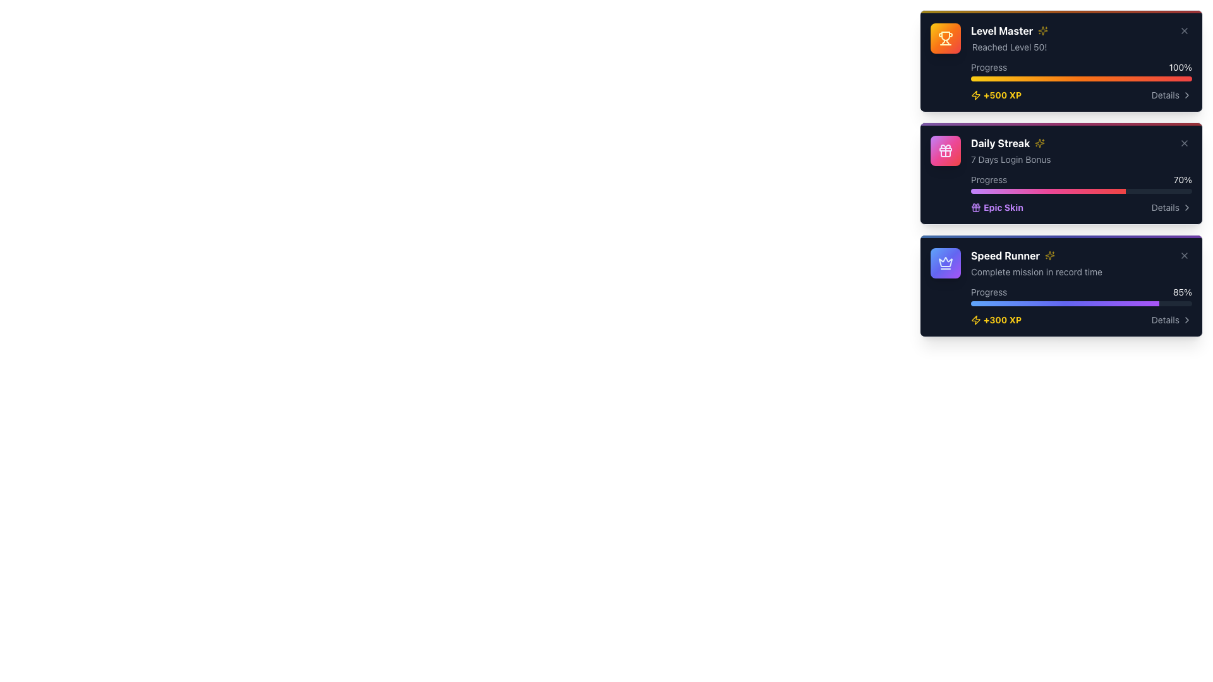 Image resolution: width=1213 pixels, height=682 pixels. Describe the element at coordinates (1184, 30) in the screenshot. I see `the close icon button located at the top-right corner of the 'Level Master' card` at that location.